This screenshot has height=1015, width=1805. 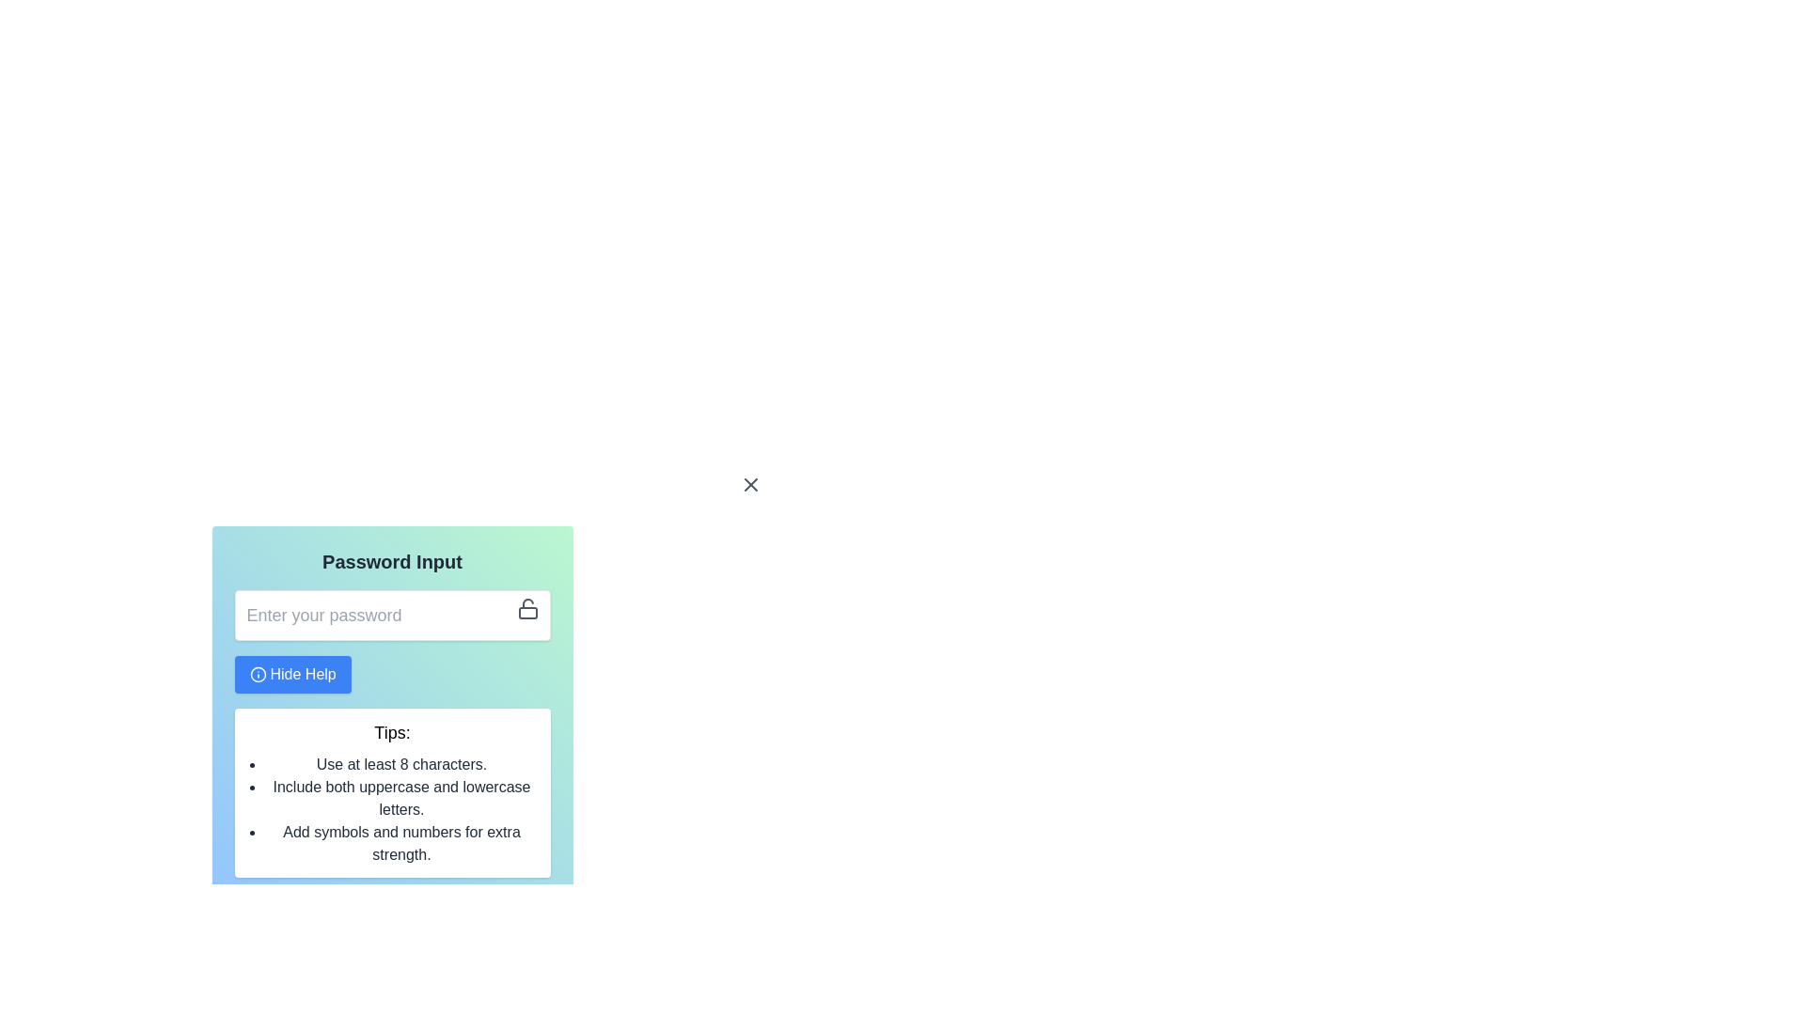 I want to click on the button that toggles the visibility of the 'Tips' section located in the 'Password Input' card section, positioned below the text input field, so click(x=291, y=673).